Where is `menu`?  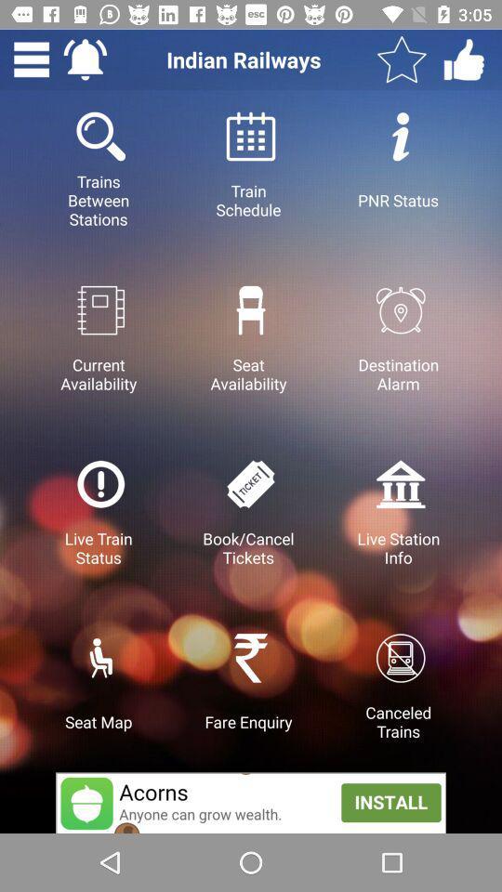 menu is located at coordinates (31, 59).